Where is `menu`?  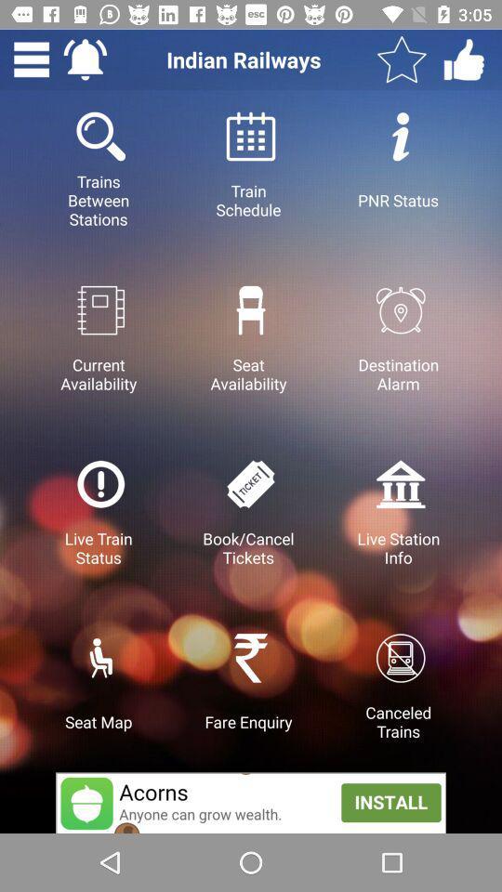 menu is located at coordinates (31, 59).